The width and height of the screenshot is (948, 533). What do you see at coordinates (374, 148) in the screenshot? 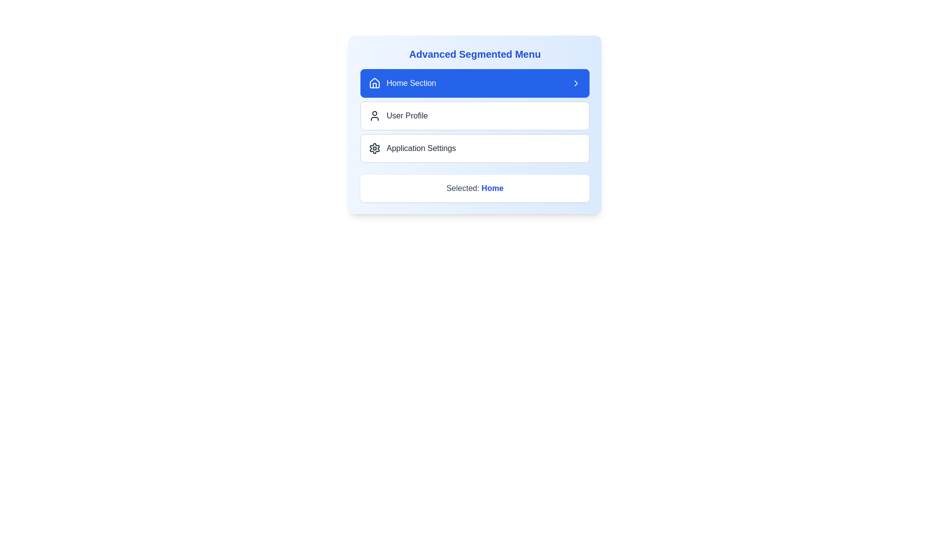
I see `the gear-shaped settings icon located next to the 'Application Settings' label in the segmented menu` at bounding box center [374, 148].